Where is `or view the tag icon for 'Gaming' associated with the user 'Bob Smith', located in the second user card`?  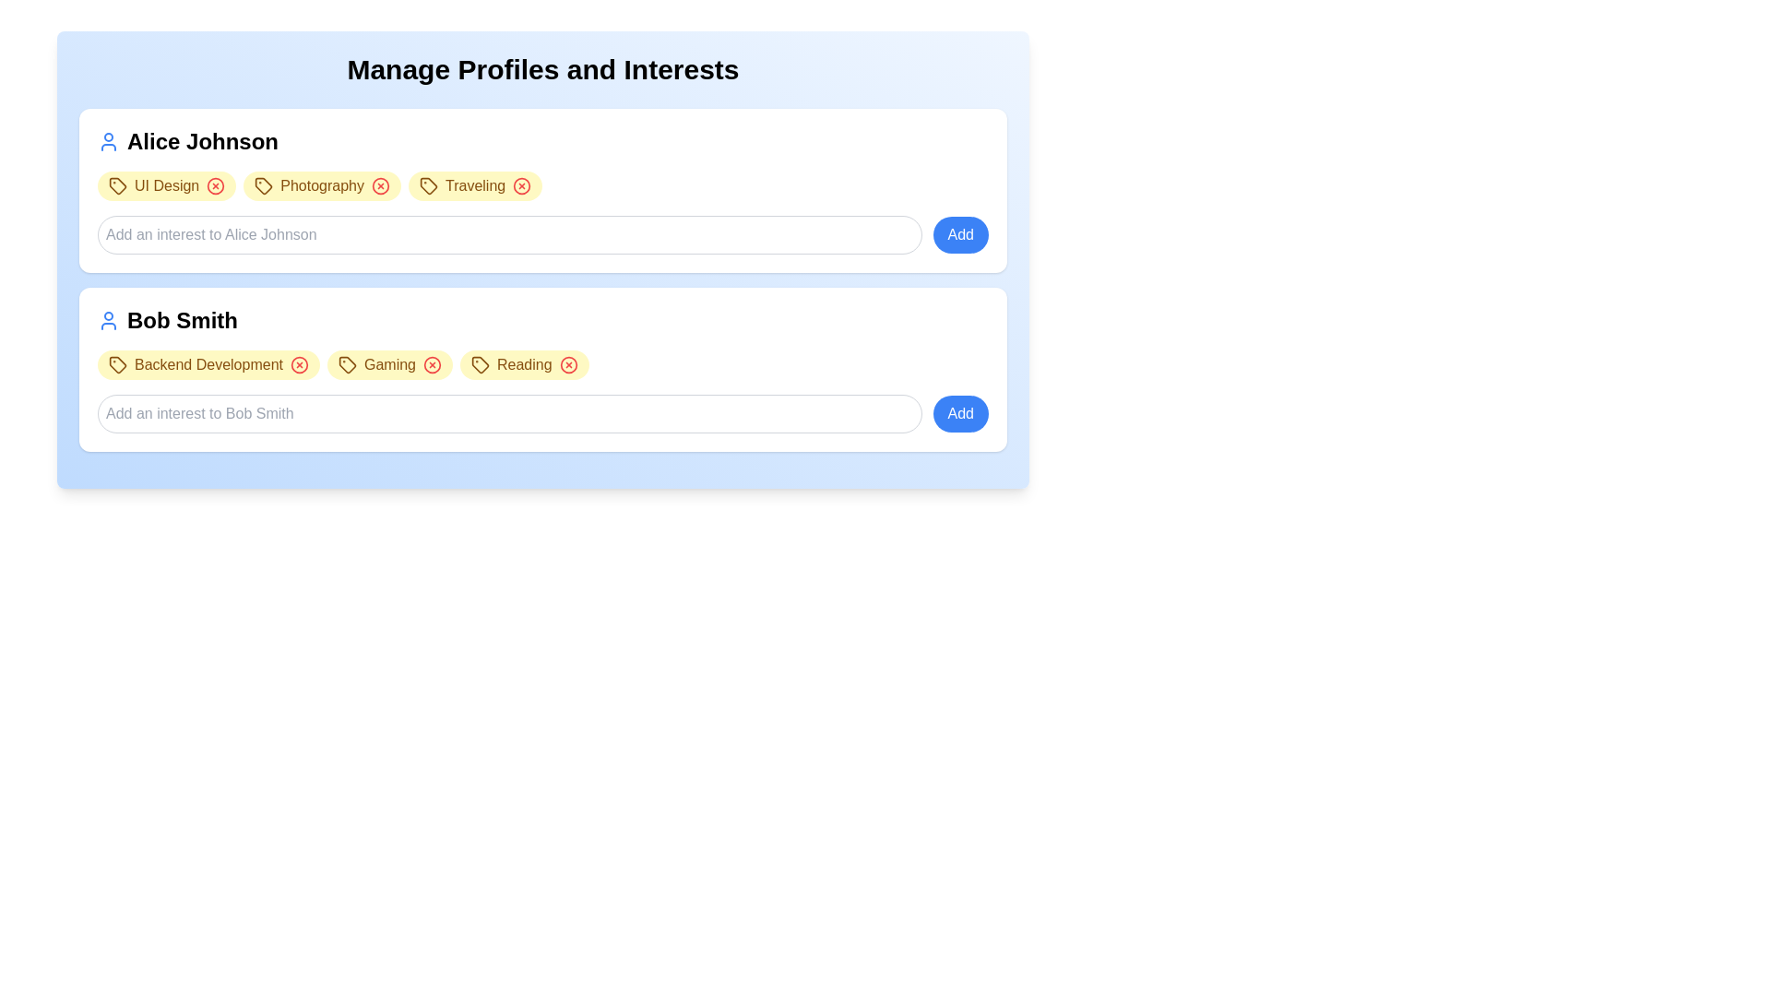
or view the tag icon for 'Gaming' associated with the user 'Bob Smith', located in the second user card is located at coordinates (347, 365).